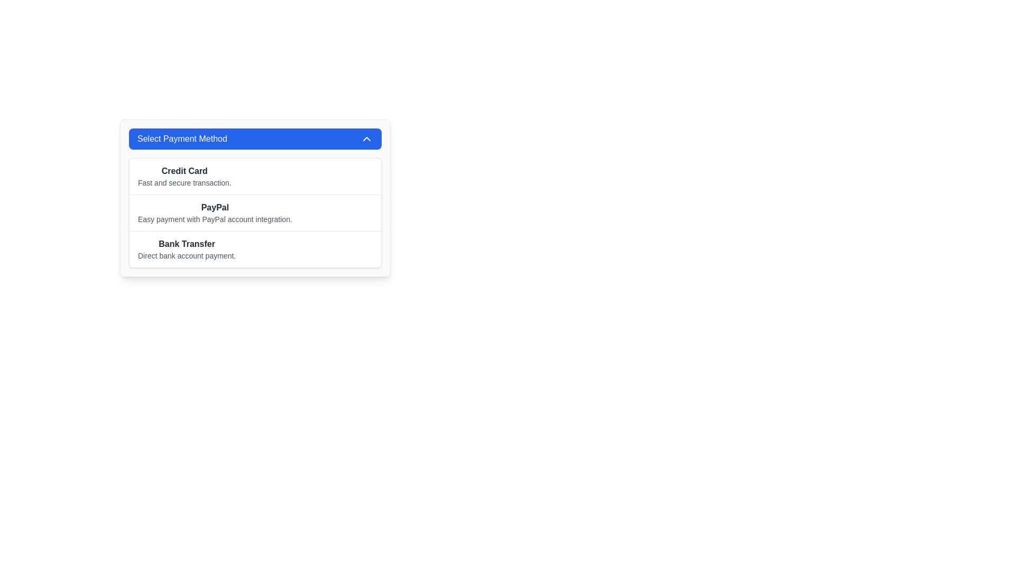 Image resolution: width=1015 pixels, height=571 pixels. I want to click on the Dropdown Toggle Button located at the top of the card-like component, so click(255, 138).